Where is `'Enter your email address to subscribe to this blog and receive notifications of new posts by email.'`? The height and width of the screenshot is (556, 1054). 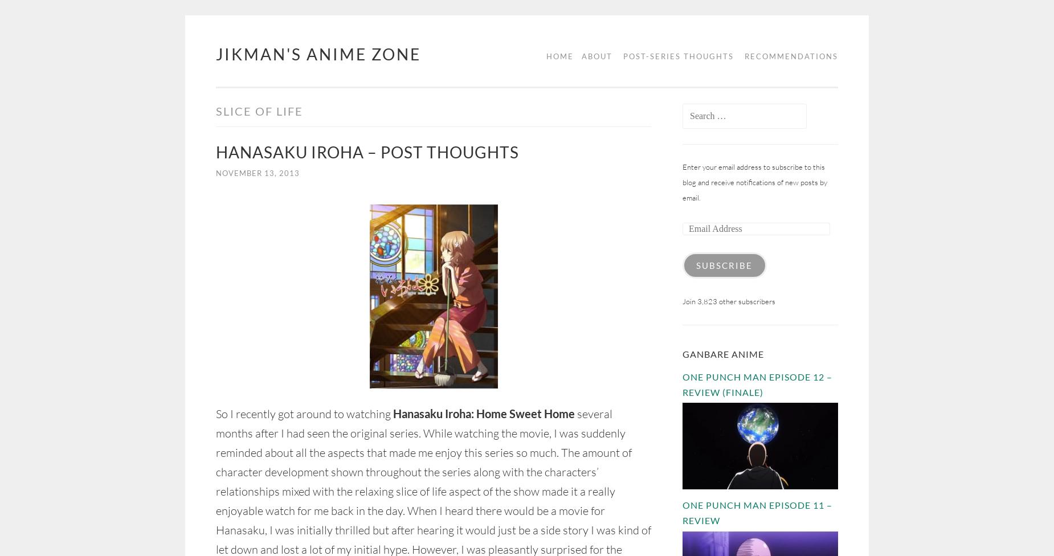 'Enter your email address to subscribe to this blog and receive notifications of new posts by email.' is located at coordinates (754, 182).